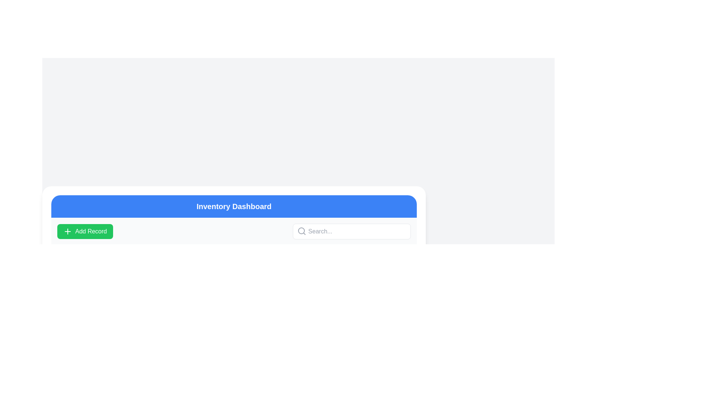 Image resolution: width=719 pixels, height=404 pixels. I want to click on the green button with rounded corners labeled 'Add Record' to observe its hover effects, so click(85, 231).